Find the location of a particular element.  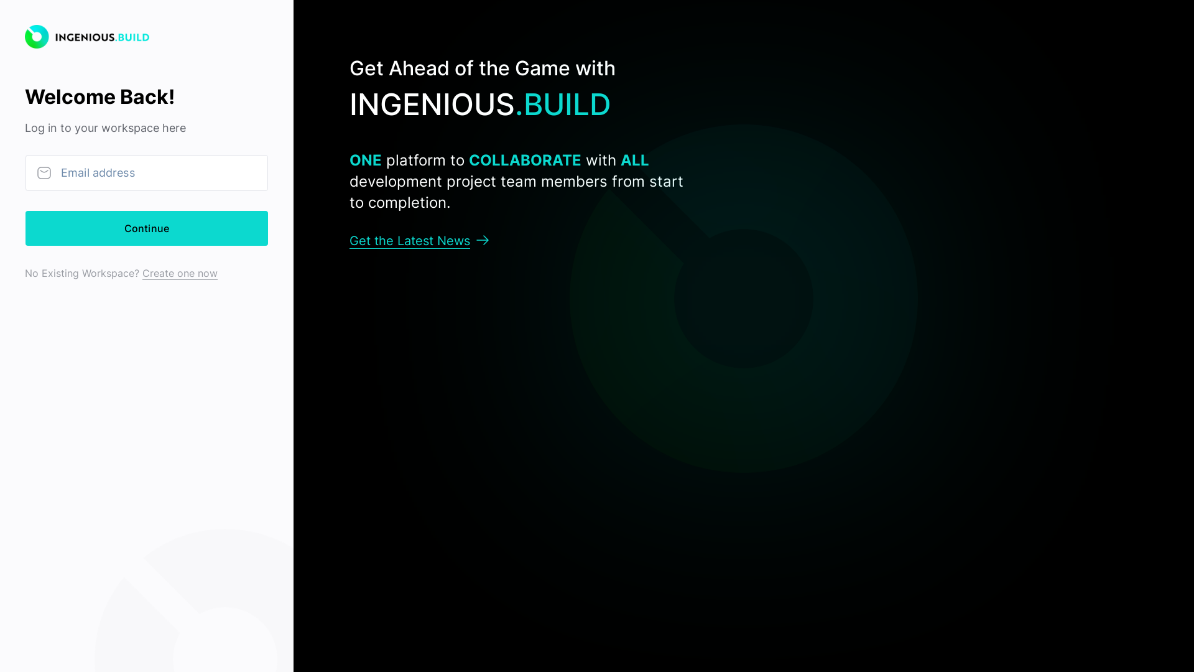

'Create one now' is located at coordinates (142, 272).